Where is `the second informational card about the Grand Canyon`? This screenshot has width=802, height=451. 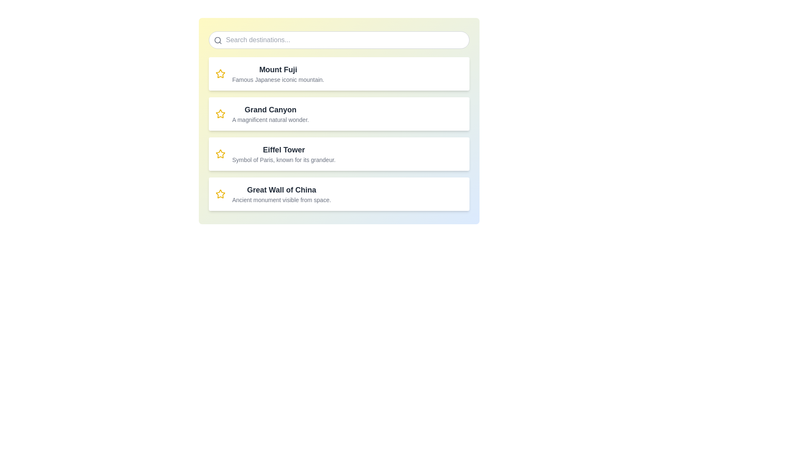 the second informational card about the Grand Canyon is located at coordinates (339, 121).